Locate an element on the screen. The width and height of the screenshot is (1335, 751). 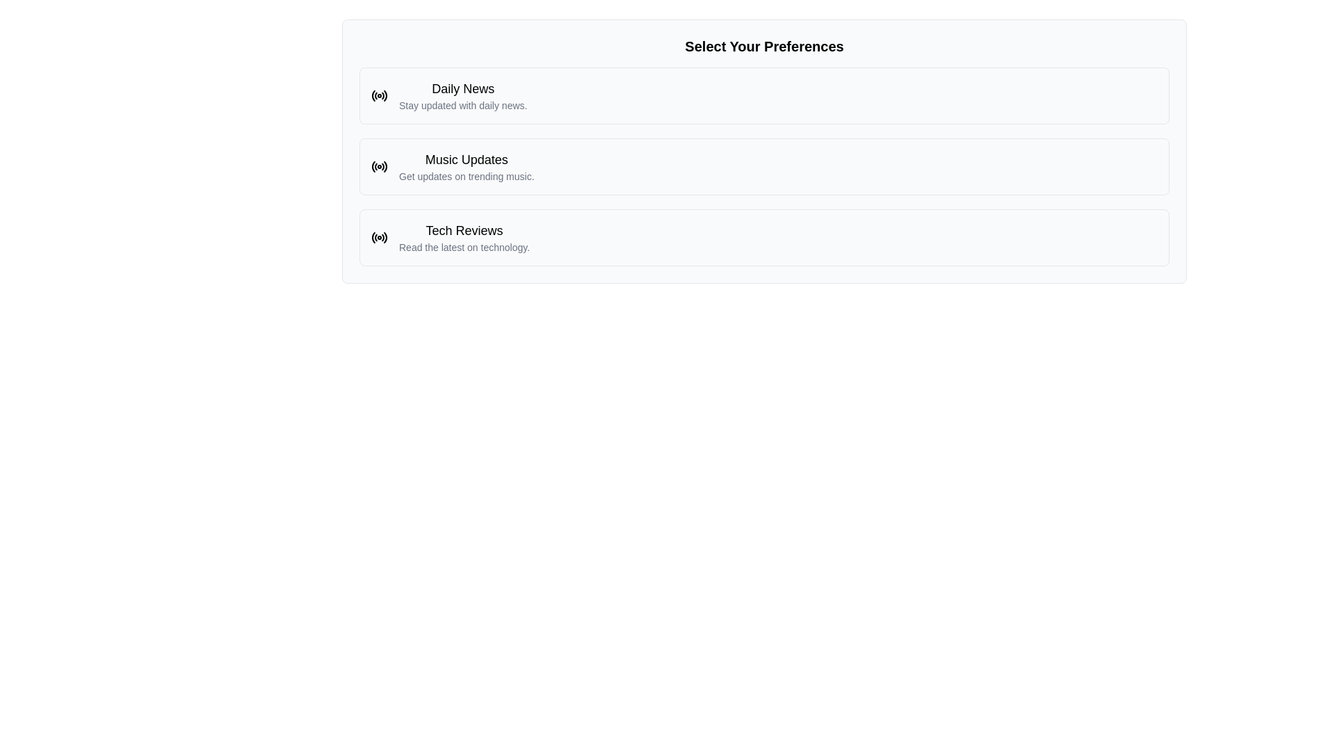
the clickable list item labeled 'Daily News' which features a bold title and a descriptive subtitle is located at coordinates (463, 95).